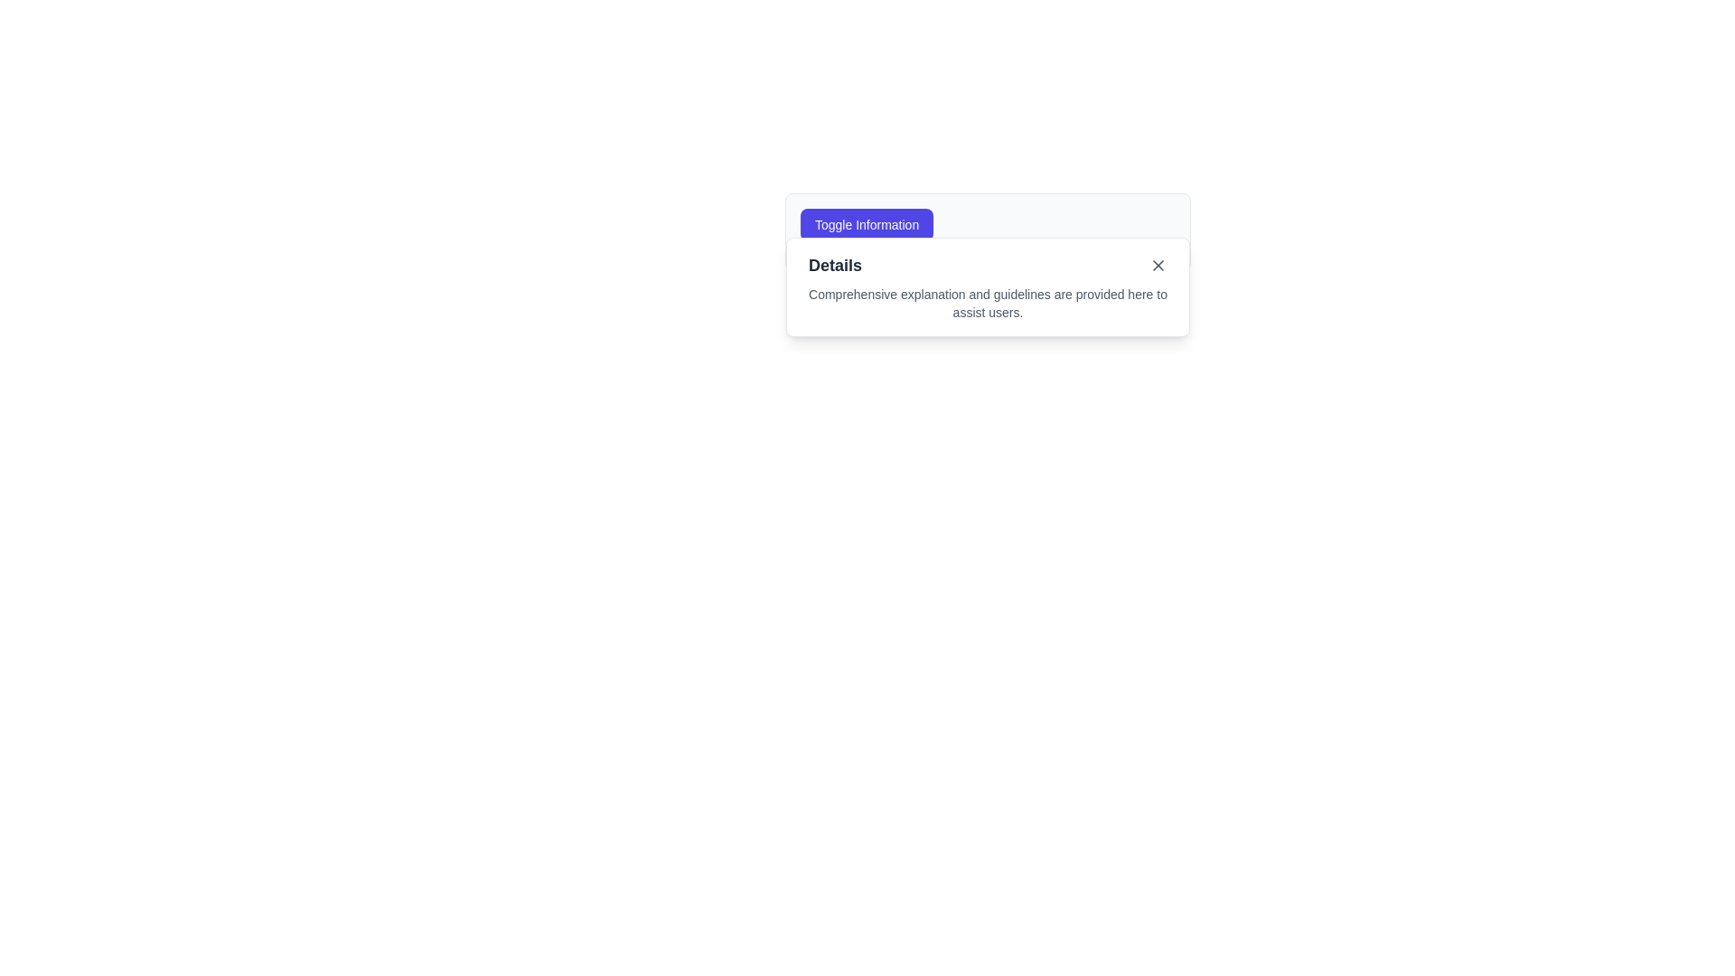 The width and height of the screenshot is (1735, 976). What do you see at coordinates (866, 224) in the screenshot?
I see `the rectangular button with a purple background and white text reading 'Toggle Information'` at bounding box center [866, 224].